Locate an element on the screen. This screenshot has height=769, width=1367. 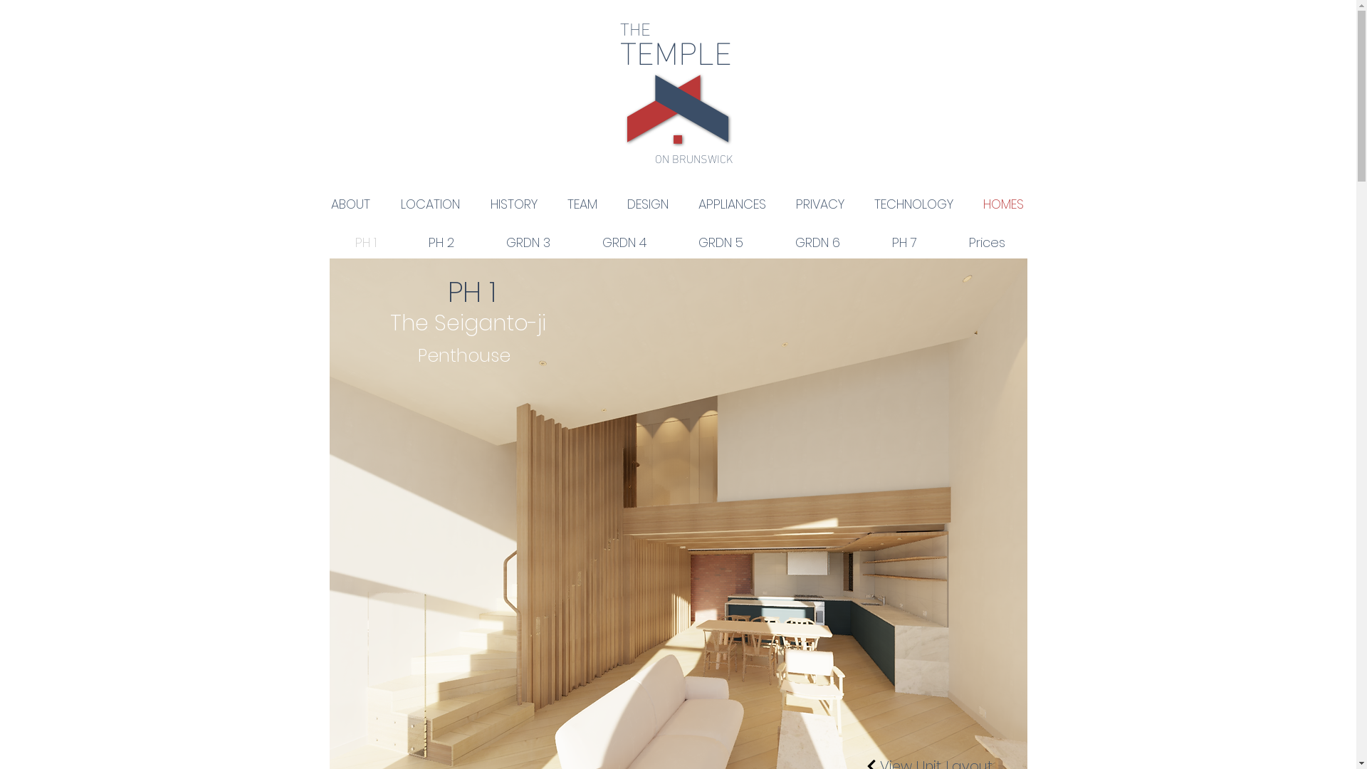
'GRDN 5' is located at coordinates (721, 241).